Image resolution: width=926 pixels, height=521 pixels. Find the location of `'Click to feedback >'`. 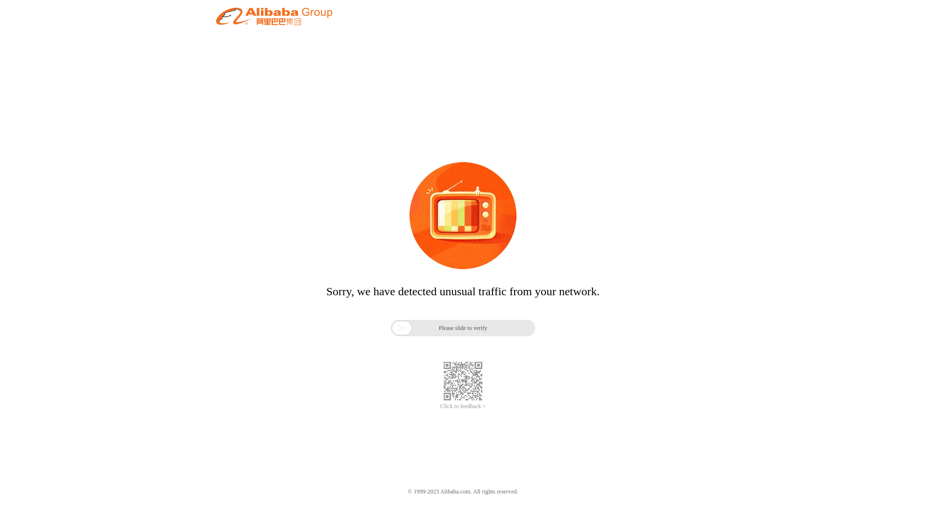

'Click to feedback >' is located at coordinates (439, 406).